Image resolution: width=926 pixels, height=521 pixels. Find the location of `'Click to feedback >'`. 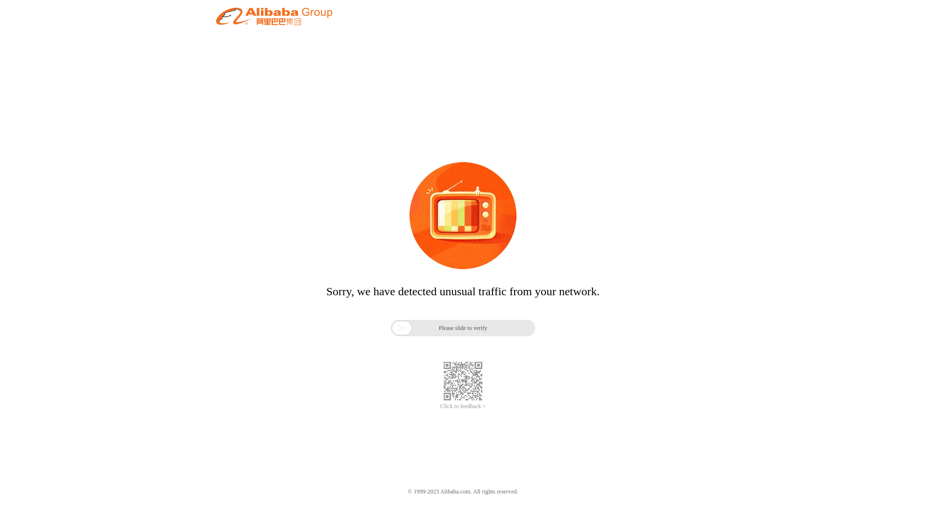

'Click to feedback >' is located at coordinates (439, 406).